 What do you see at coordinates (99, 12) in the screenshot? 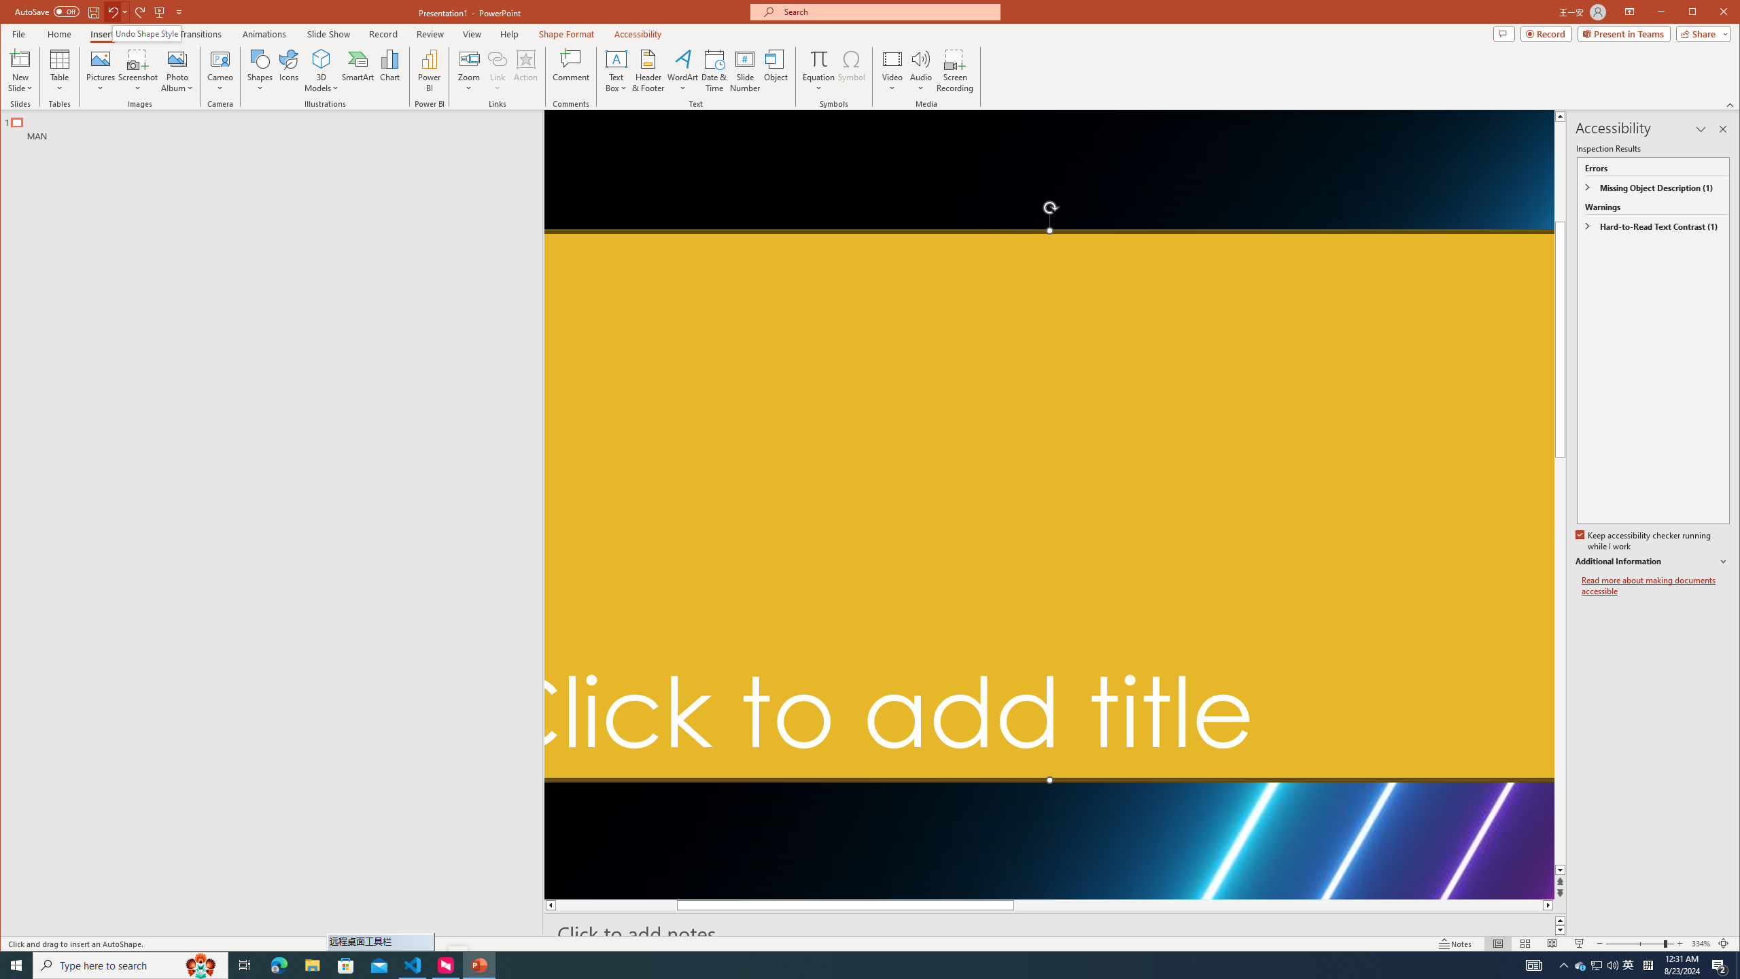
I see `'Quick Access Toolbar'` at bounding box center [99, 12].